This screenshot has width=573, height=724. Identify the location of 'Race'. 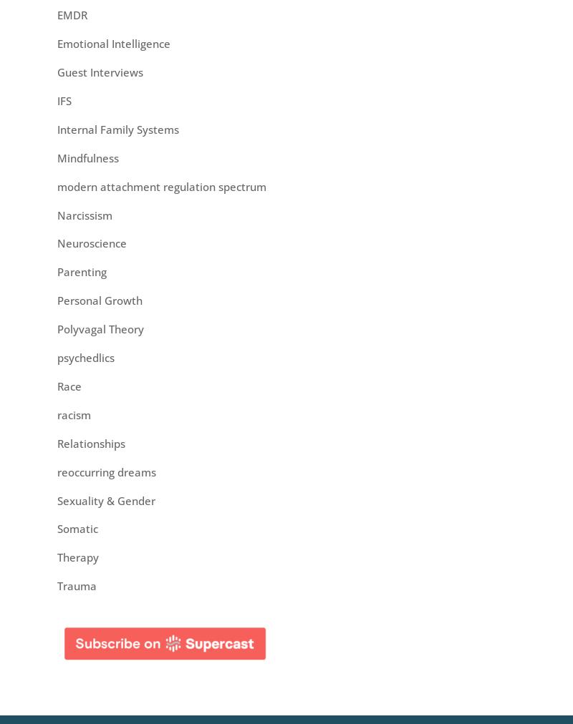
(69, 384).